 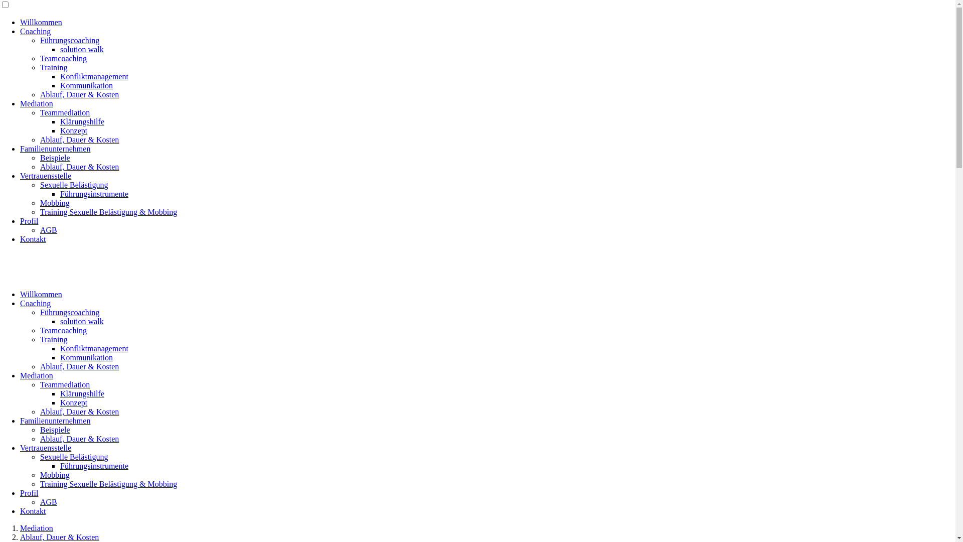 What do you see at coordinates (82, 321) in the screenshot?
I see `'solution walk'` at bounding box center [82, 321].